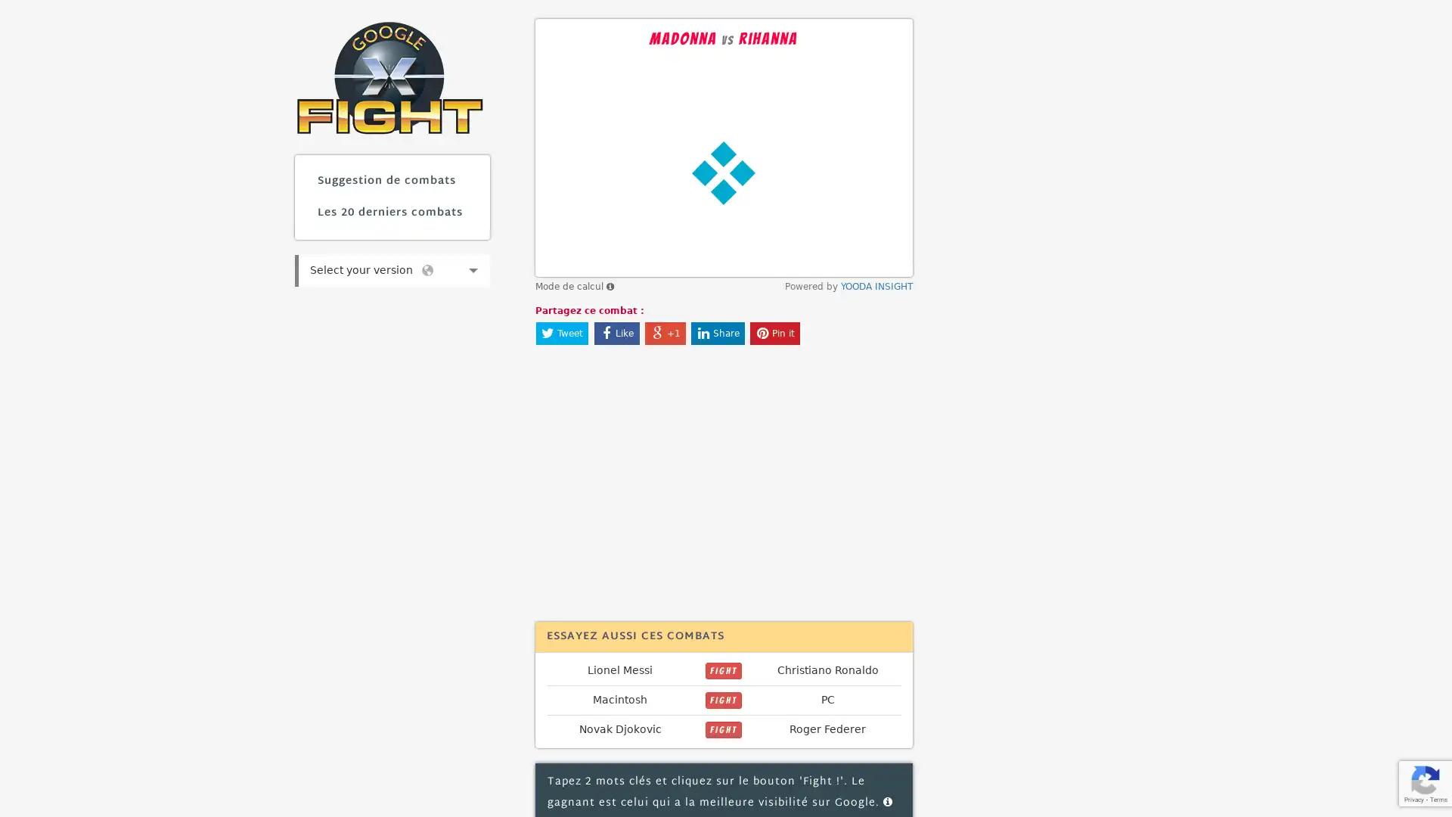 This screenshot has height=817, width=1452. What do you see at coordinates (722, 670) in the screenshot?
I see `FIGHT` at bounding box center [722, 670].